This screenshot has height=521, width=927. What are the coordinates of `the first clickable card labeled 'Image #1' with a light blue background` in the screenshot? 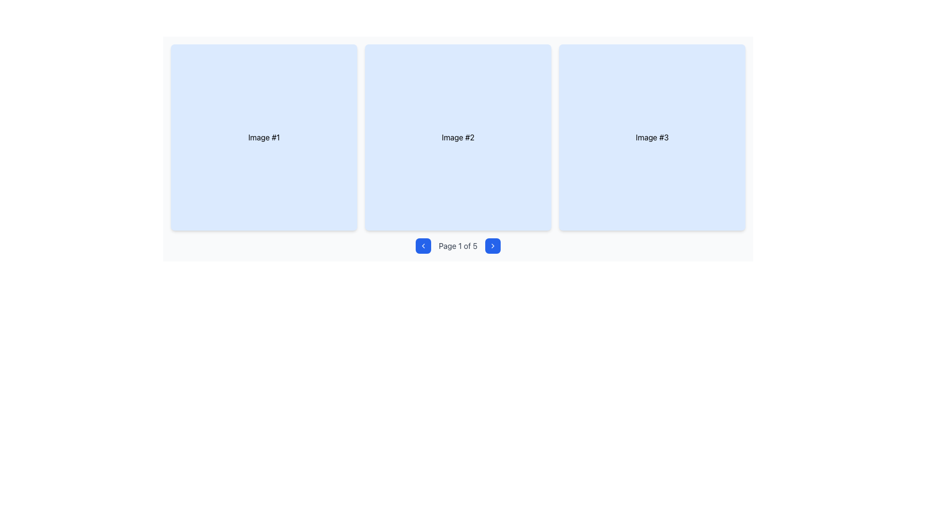 It's located at (264, 137).